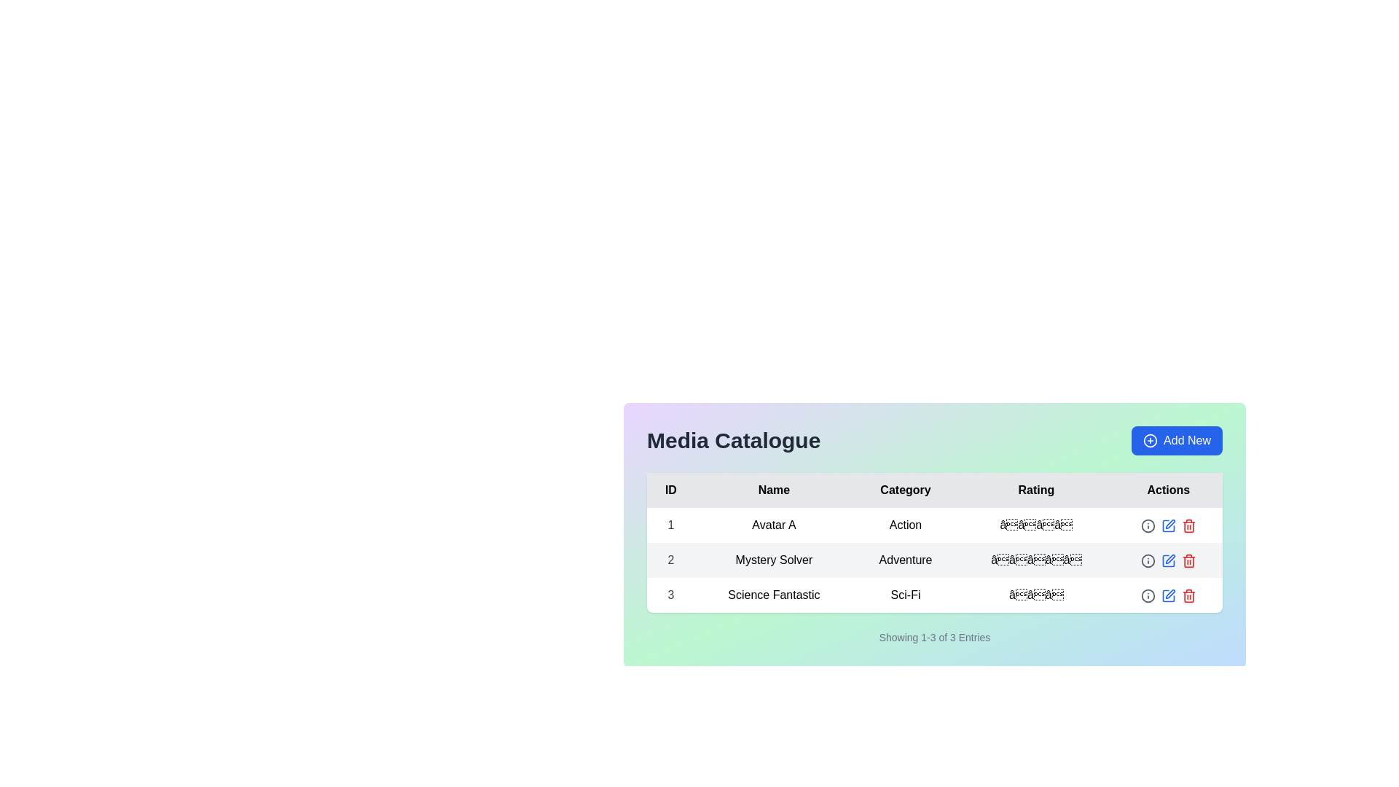 Image resolution: width=1399 pixels, height=787 pixels. I want to click on the non-interactive text label displaying the category name in the second row of the table under the 'Category' column, adjacent to 'Mystery Solver' in the 'Name' column and five star icons in the 'Rating' column, so click(905, 559).